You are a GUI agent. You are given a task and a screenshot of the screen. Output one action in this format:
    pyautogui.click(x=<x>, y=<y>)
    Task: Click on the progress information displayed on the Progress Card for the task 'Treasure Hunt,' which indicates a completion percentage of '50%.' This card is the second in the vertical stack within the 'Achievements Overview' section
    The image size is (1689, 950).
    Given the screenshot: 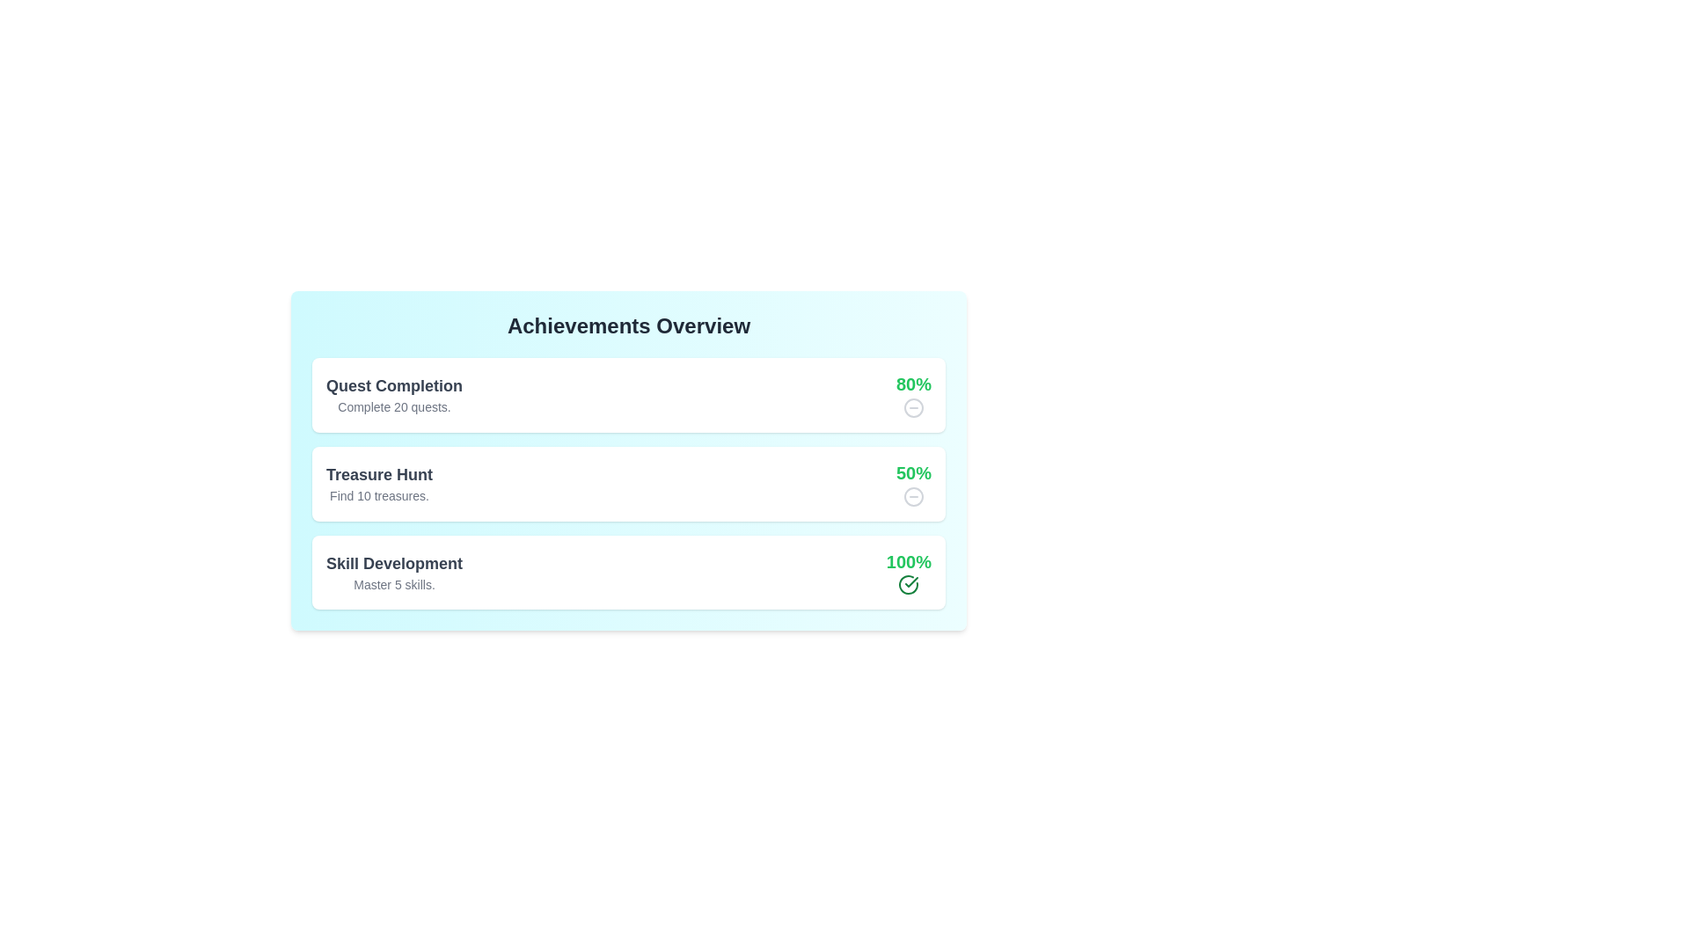 What is the action you would take?
    pyautogui.click(x=629, y=484)
    